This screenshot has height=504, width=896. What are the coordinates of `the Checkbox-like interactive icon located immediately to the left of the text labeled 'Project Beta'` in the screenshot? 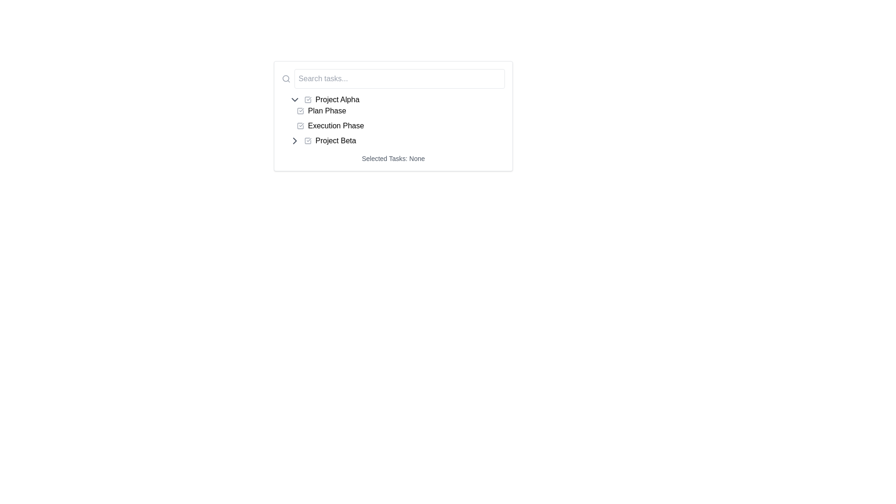 It's located at (308, 140).